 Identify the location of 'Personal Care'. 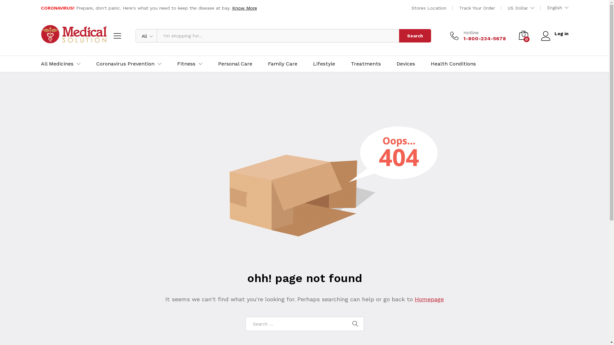
(235, 64).